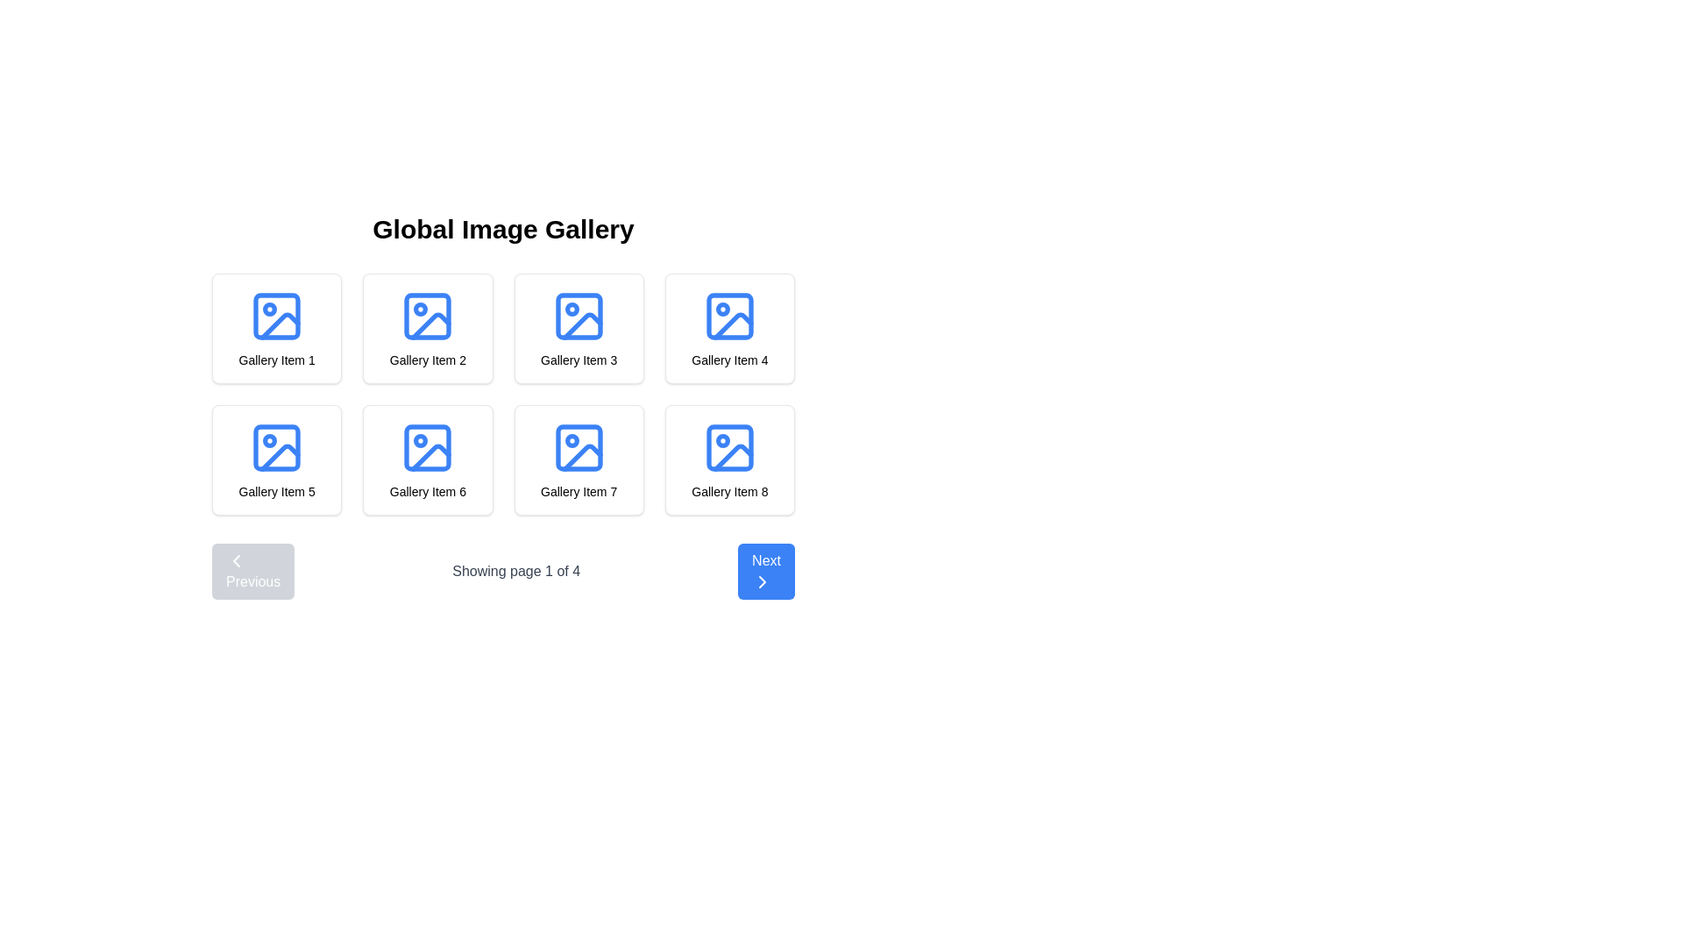 Image resolution: width=1683 pixels, height=947 pixels. I want to click on the small circular shape that indicates status within the Gallery Item 5 icon in the Global Image Gallery, located in the second row, first column, so click(269, 439).